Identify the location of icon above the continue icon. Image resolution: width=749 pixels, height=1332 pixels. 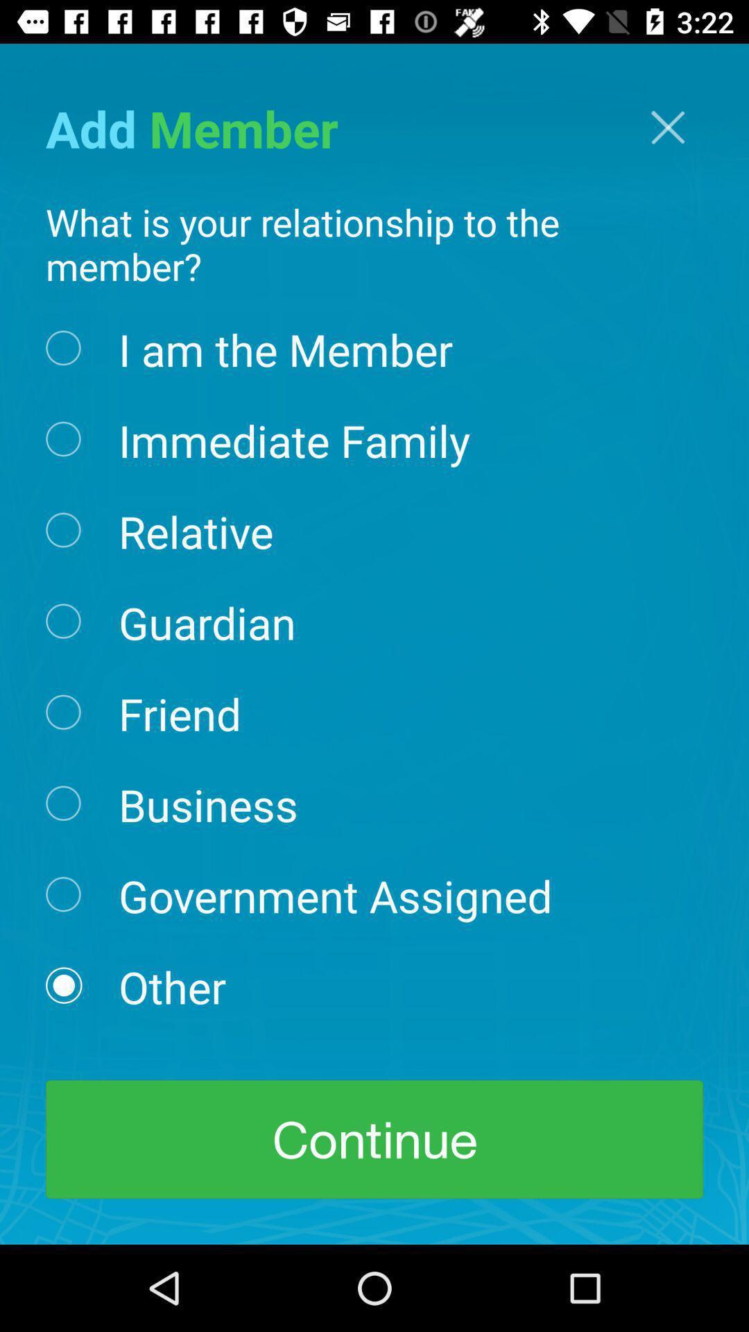
(171, 985).